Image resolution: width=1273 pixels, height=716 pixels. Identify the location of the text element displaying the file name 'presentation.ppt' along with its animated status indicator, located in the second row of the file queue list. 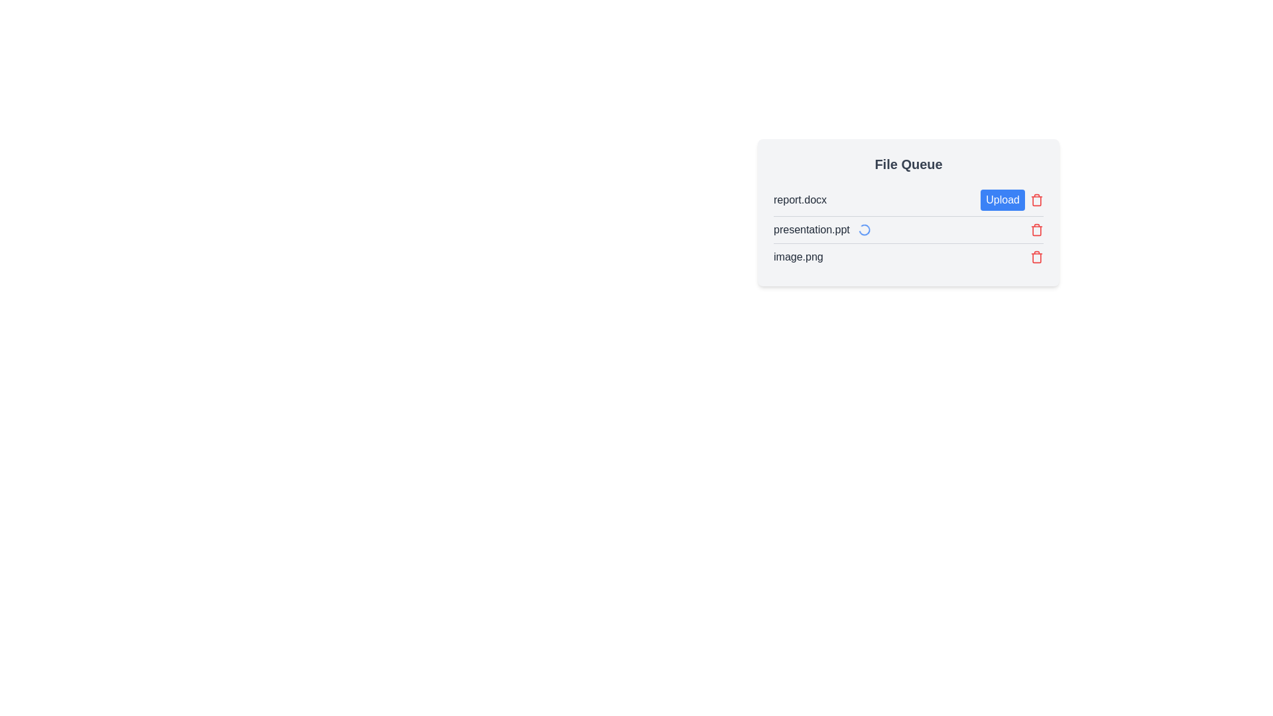
(821, 229).